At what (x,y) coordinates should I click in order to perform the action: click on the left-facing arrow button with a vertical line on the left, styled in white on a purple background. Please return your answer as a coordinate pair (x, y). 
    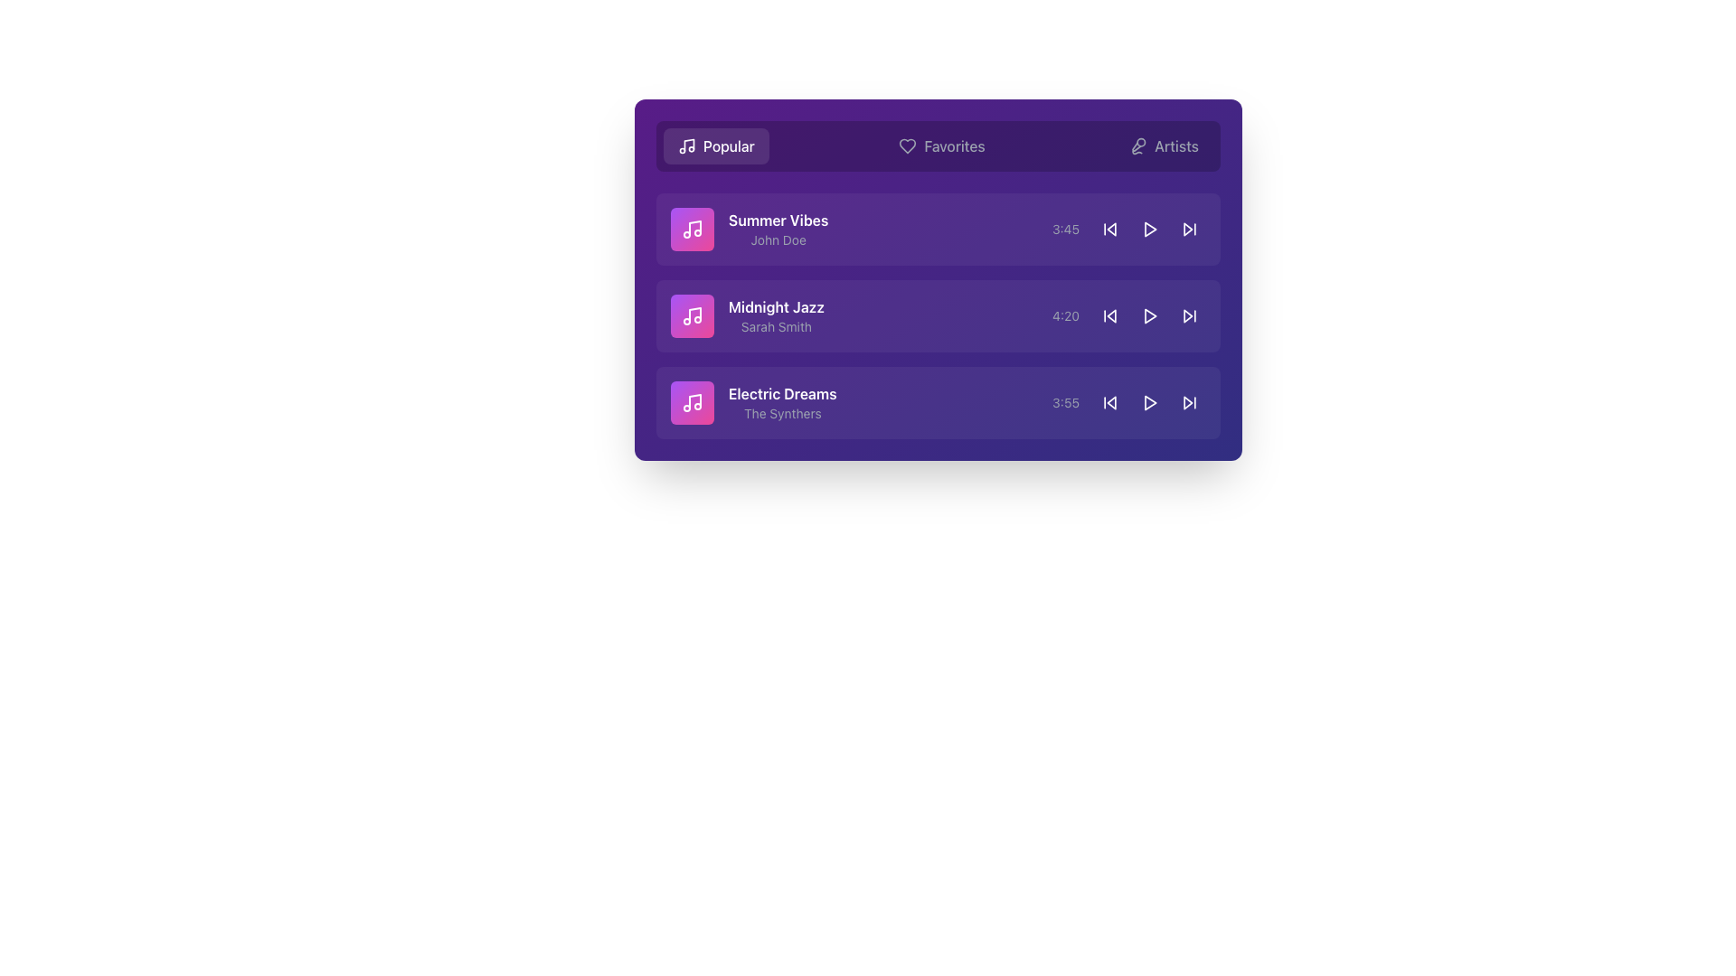
    Looking at the image, I should click on (1109, 402).